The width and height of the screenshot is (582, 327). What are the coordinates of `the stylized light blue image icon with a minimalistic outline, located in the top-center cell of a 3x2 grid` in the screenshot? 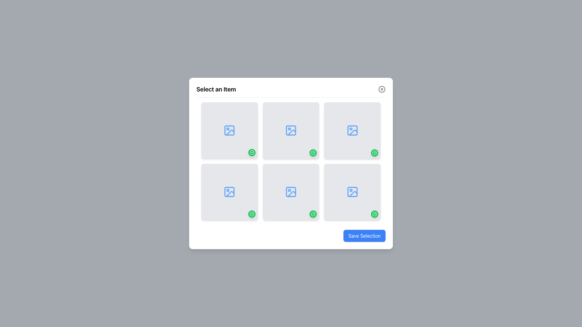 It's located at (291, 130).